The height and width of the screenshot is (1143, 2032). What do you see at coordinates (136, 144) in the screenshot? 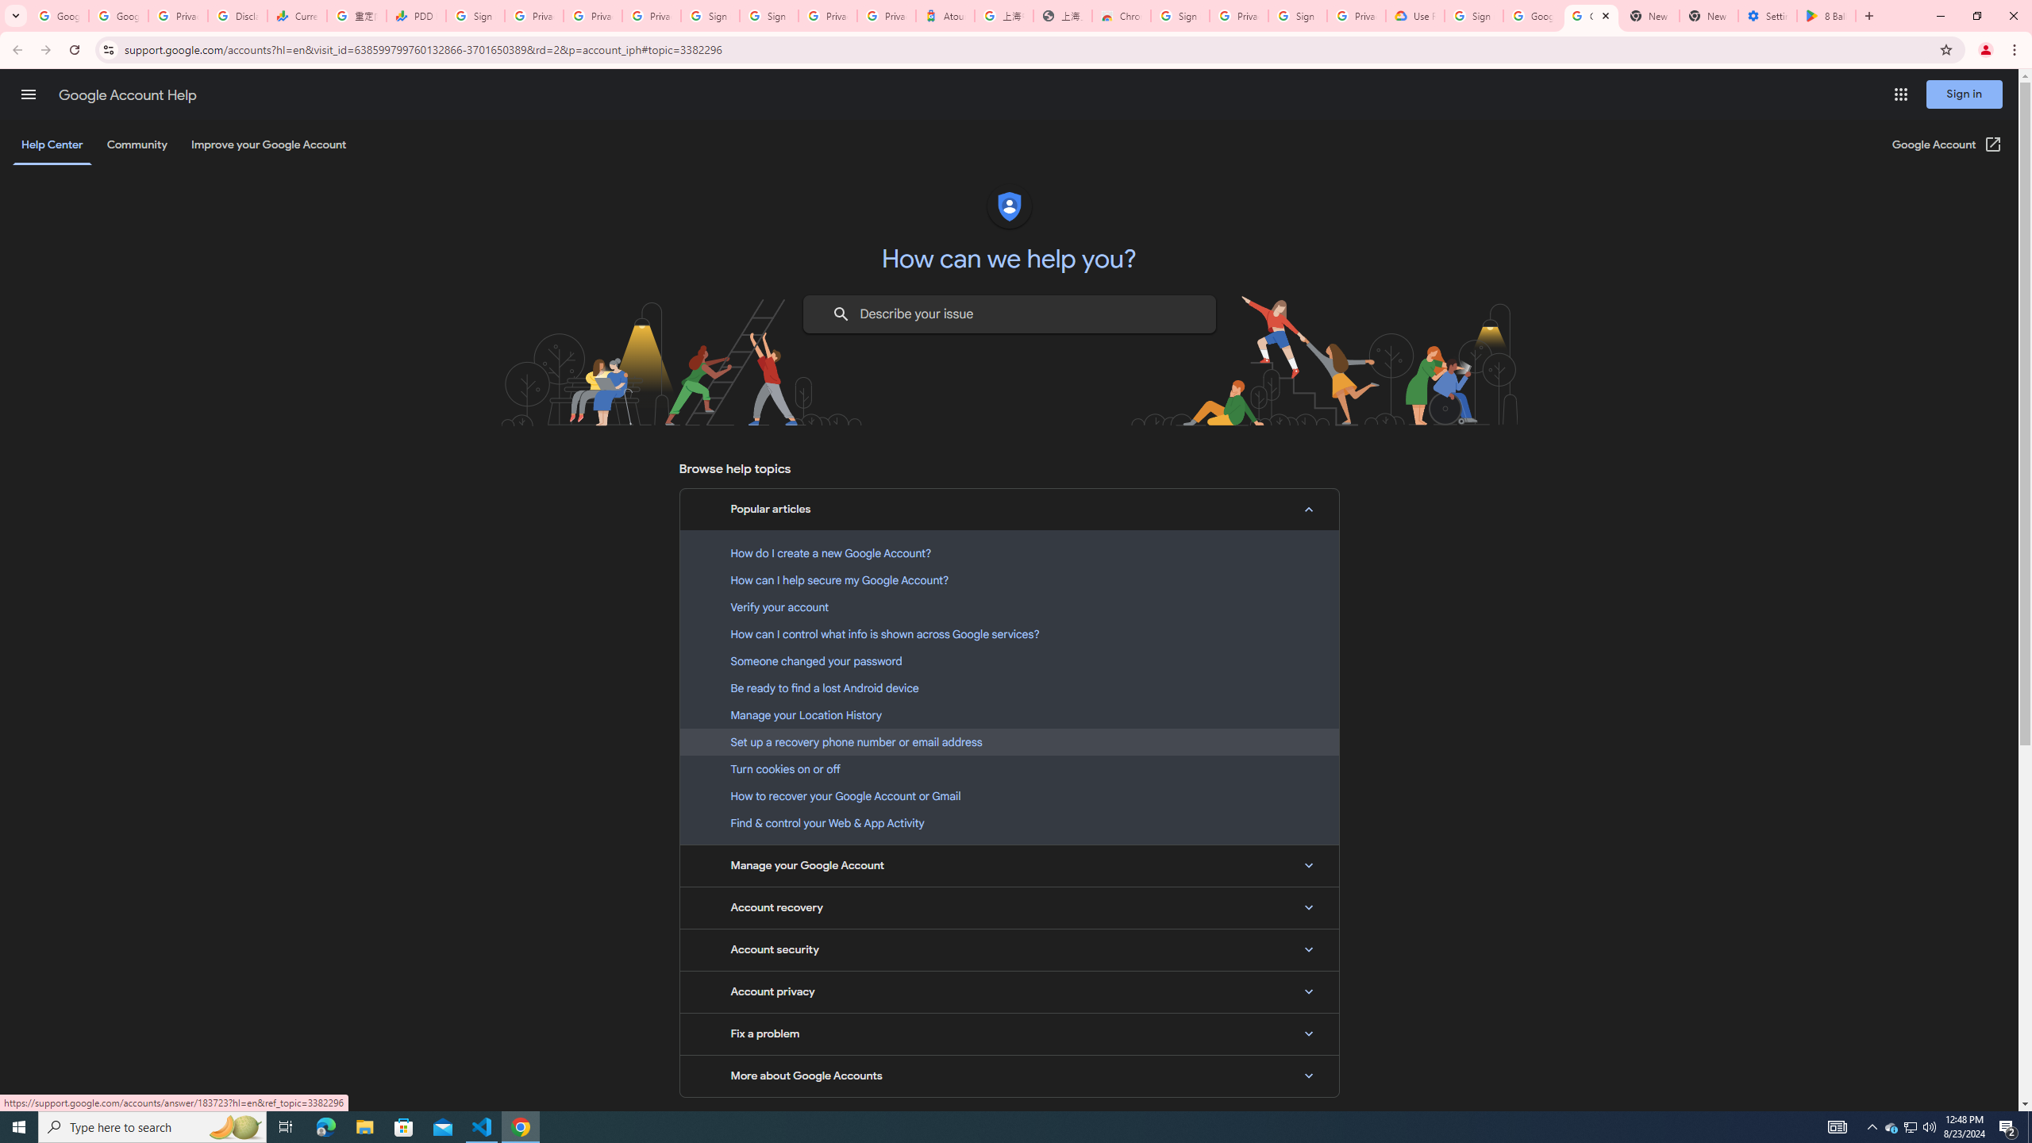
I see `'Community'` at bounding box center [136, 144].